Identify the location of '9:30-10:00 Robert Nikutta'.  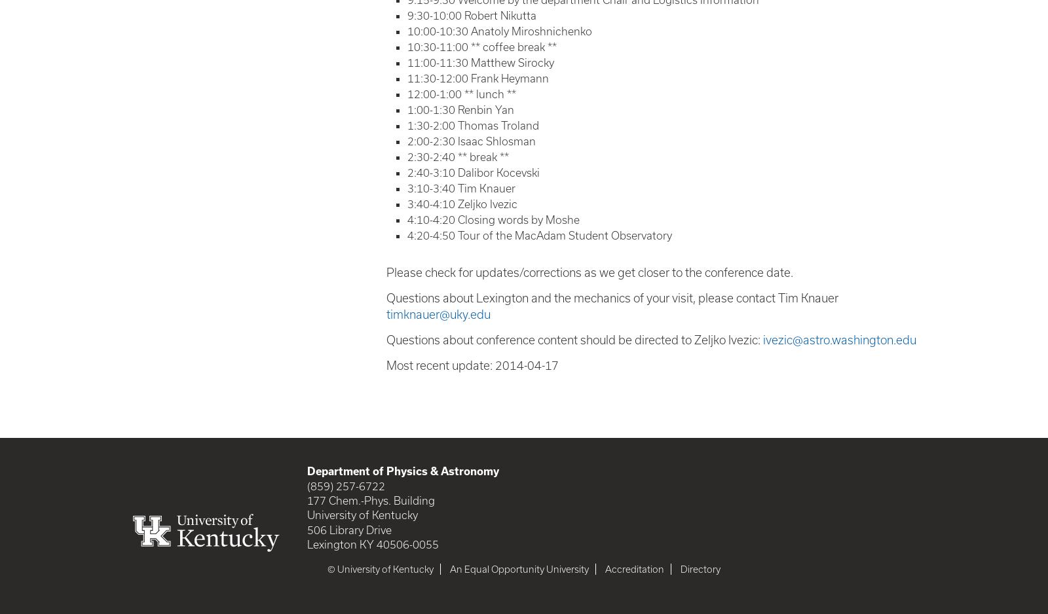
(407, 14).